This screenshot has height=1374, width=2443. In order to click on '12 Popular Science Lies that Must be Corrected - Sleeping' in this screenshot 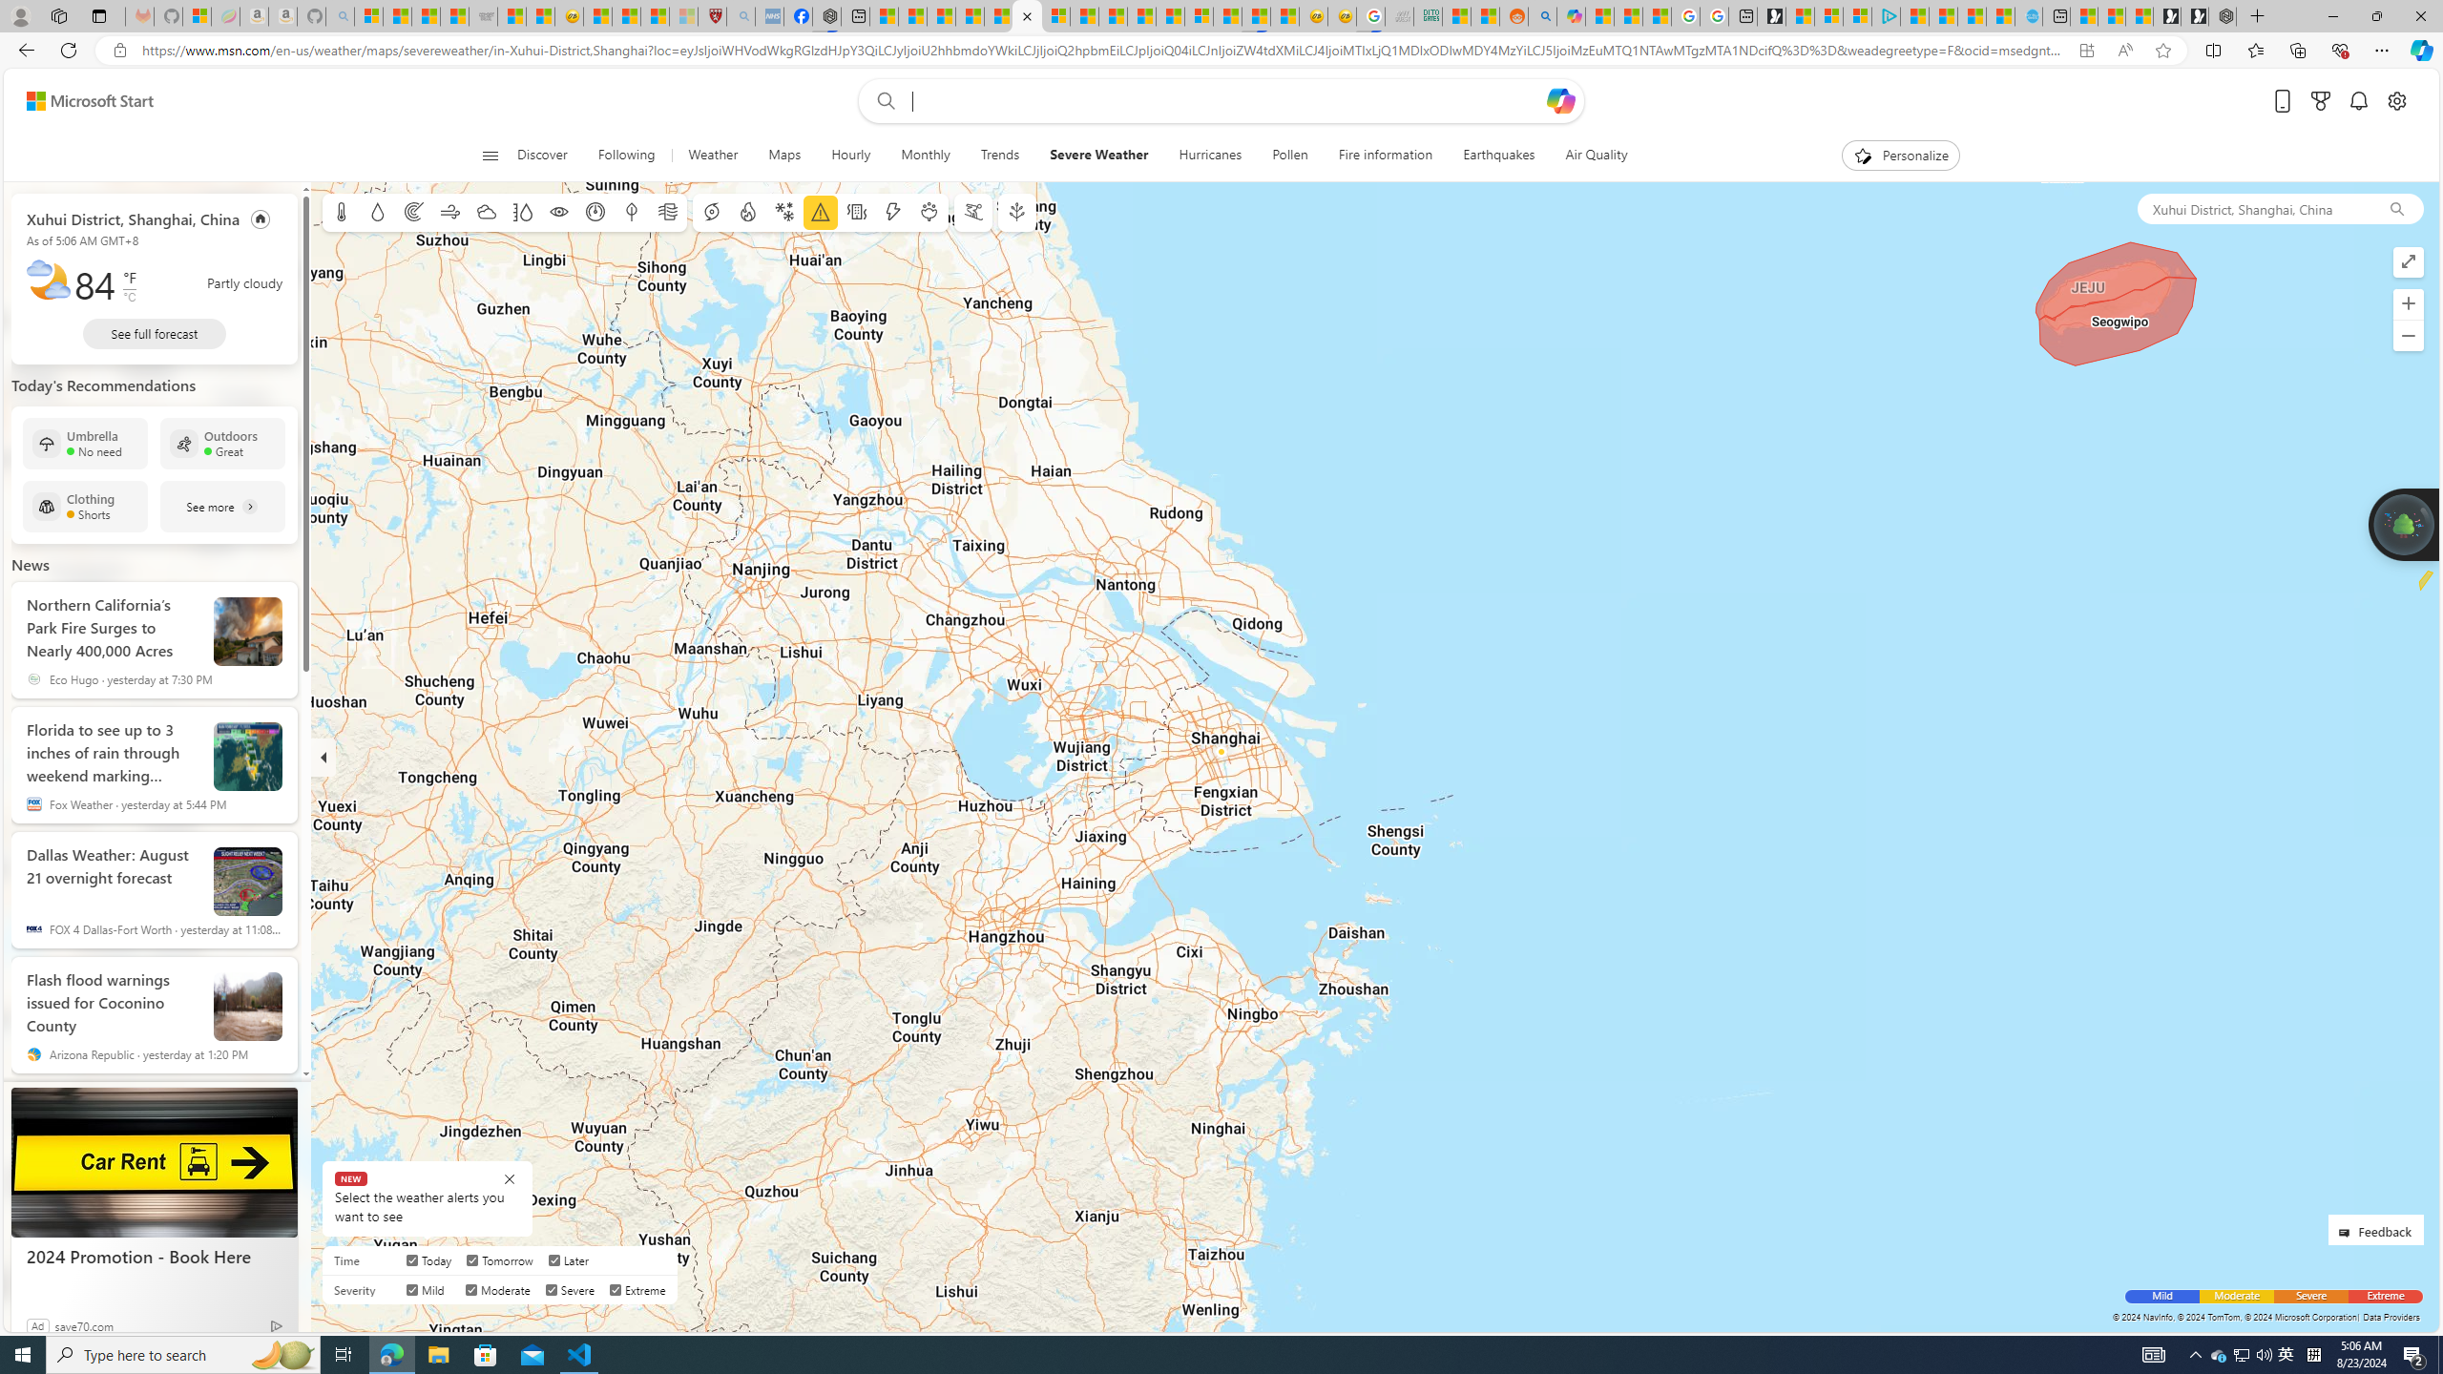, I will do `click(683, 15)`.